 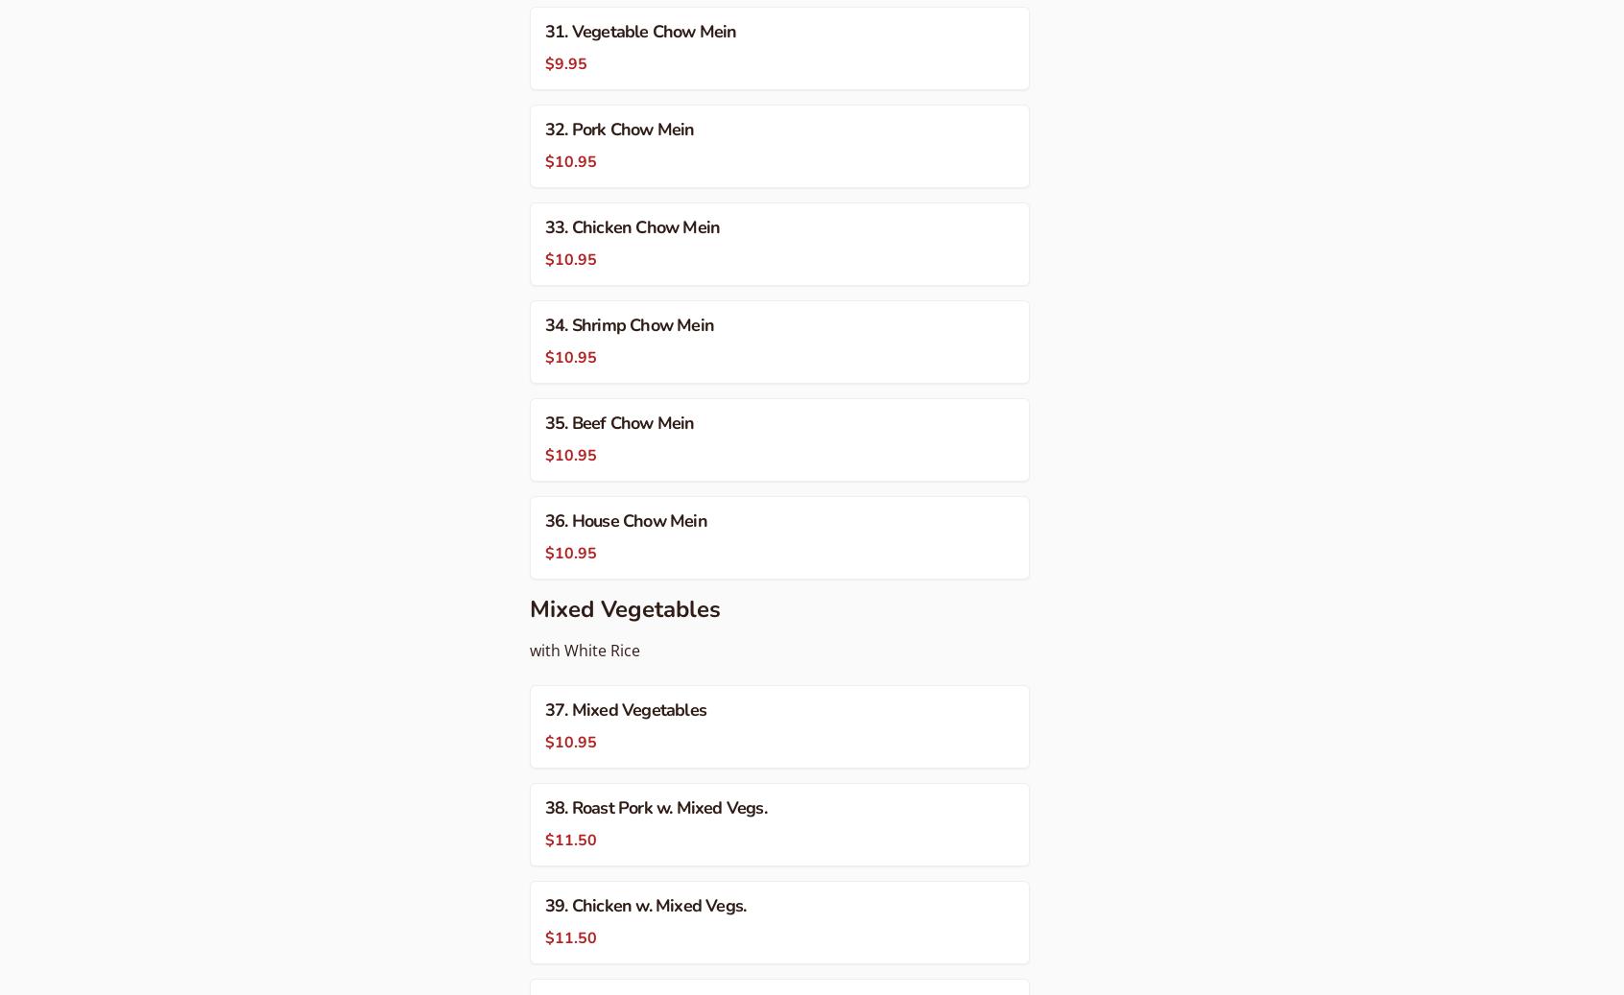 I want to click on '38.  Roast Pork w. Mixed Vegs.', so click(x=656, y=808).